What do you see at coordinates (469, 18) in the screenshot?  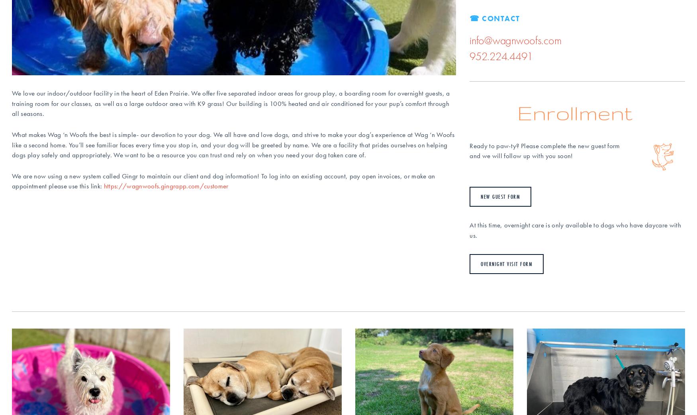 I see `'☎ Contact'` at bounding box center [469, 18].